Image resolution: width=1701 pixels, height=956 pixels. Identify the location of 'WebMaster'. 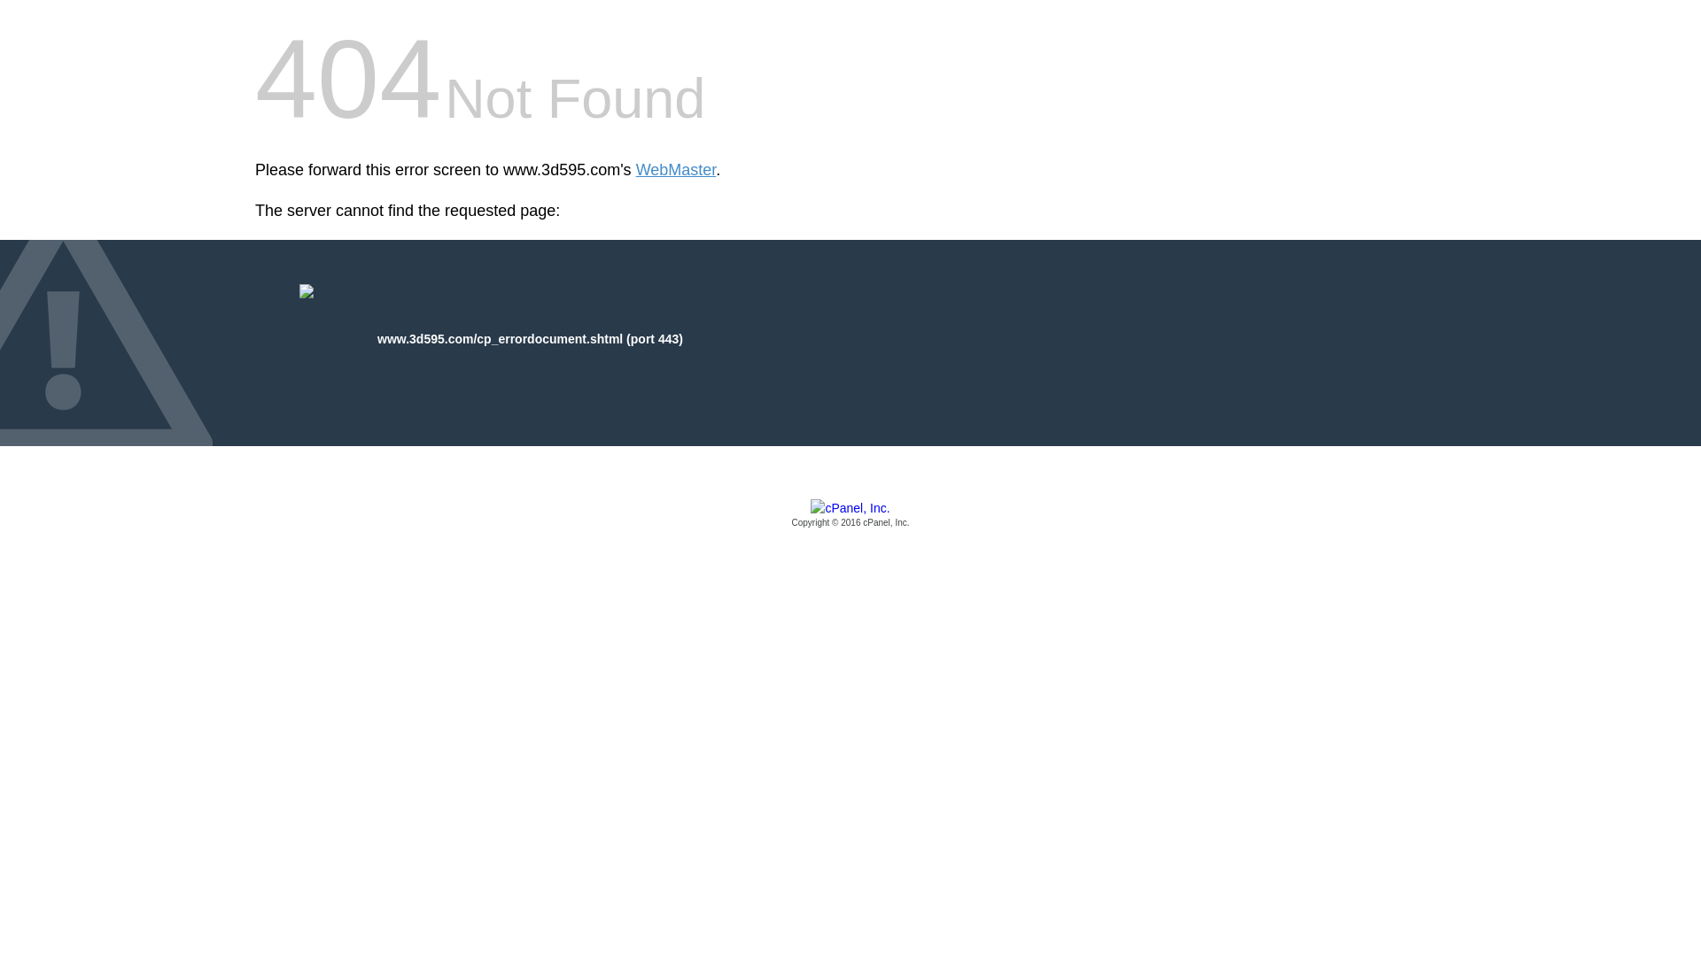
(675, 170).